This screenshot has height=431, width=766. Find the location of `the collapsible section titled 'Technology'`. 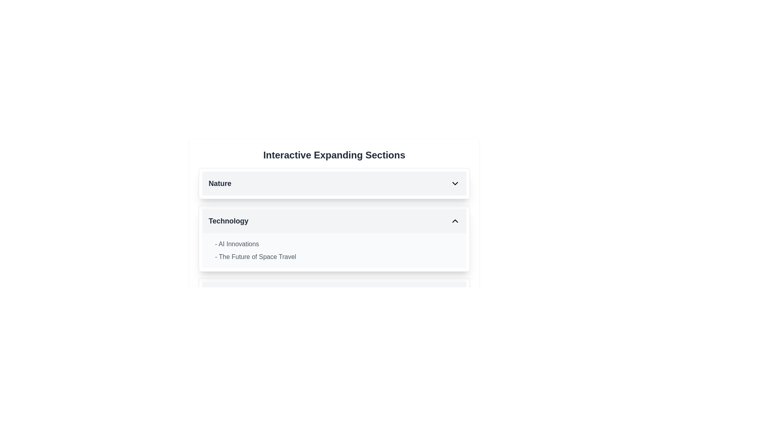

the collapsible section titled 'Technology' is located at coordinates (334, 208).